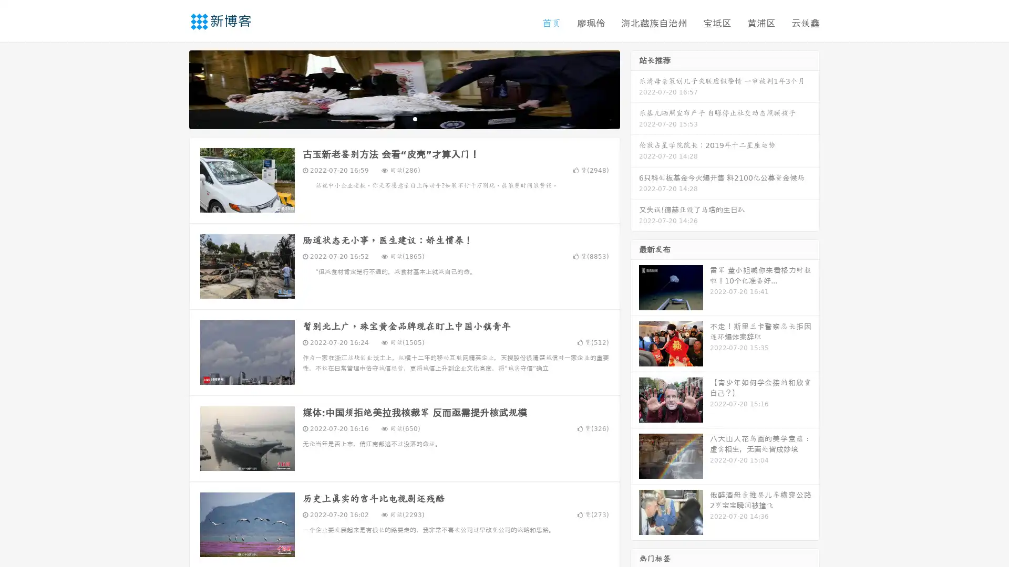 This screenshot has height=567, width=1009. What do you see at coordinates (404, 118) in the screenshot?
I see `Go to slide 2` at bounding box center [404, 118].